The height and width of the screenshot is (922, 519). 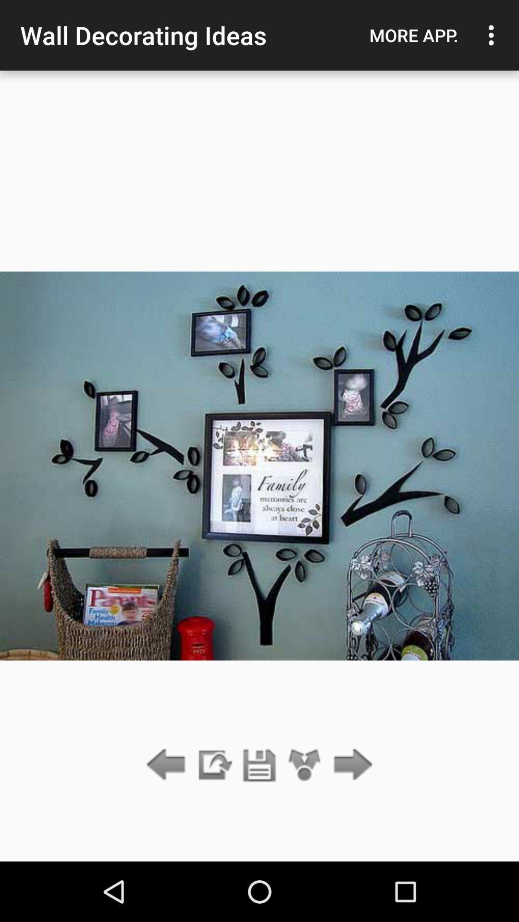 I want to click on the arrow_forward icon, so click(x=350, y=765).